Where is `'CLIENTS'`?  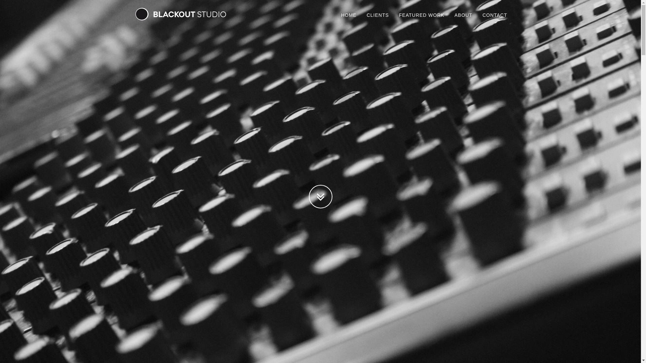
'CLIENTS' is located at coordinates (361, 15).